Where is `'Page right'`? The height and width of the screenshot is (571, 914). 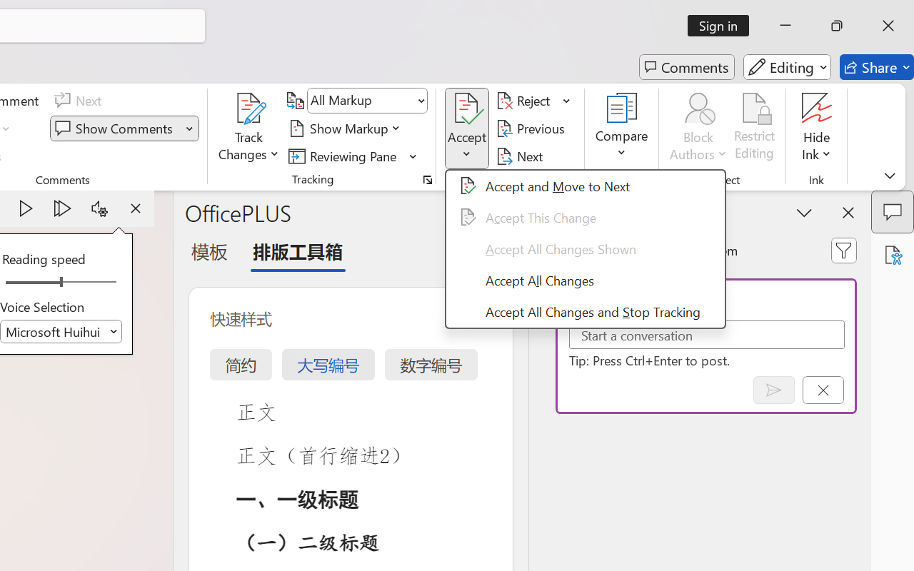 'Page right' is located at coordinates (91, 282).